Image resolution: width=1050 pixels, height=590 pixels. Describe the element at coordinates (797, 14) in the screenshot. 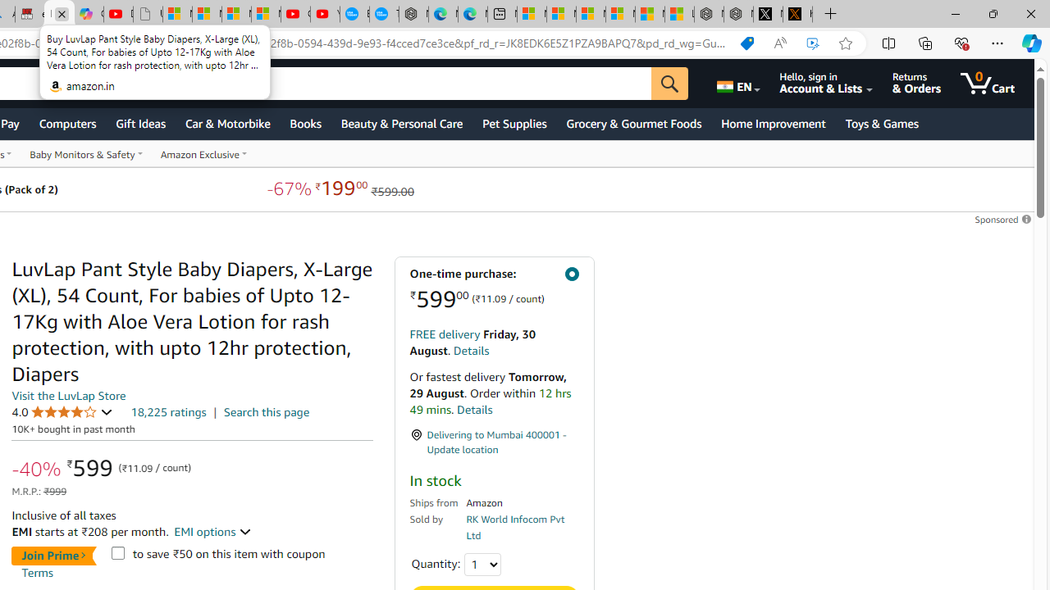

I see `'help.x.com | 524: A timeout occurred'` at that location.